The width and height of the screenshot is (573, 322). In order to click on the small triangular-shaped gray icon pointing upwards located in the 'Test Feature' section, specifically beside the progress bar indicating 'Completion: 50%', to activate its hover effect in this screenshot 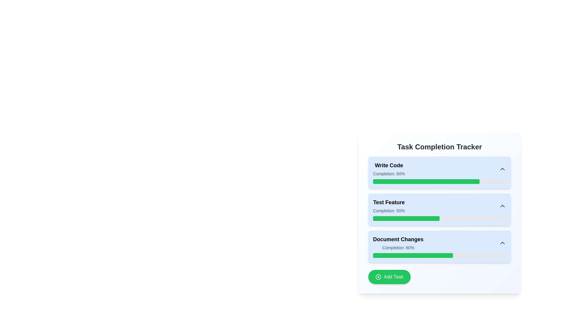, I will do `click(502, 205)`.